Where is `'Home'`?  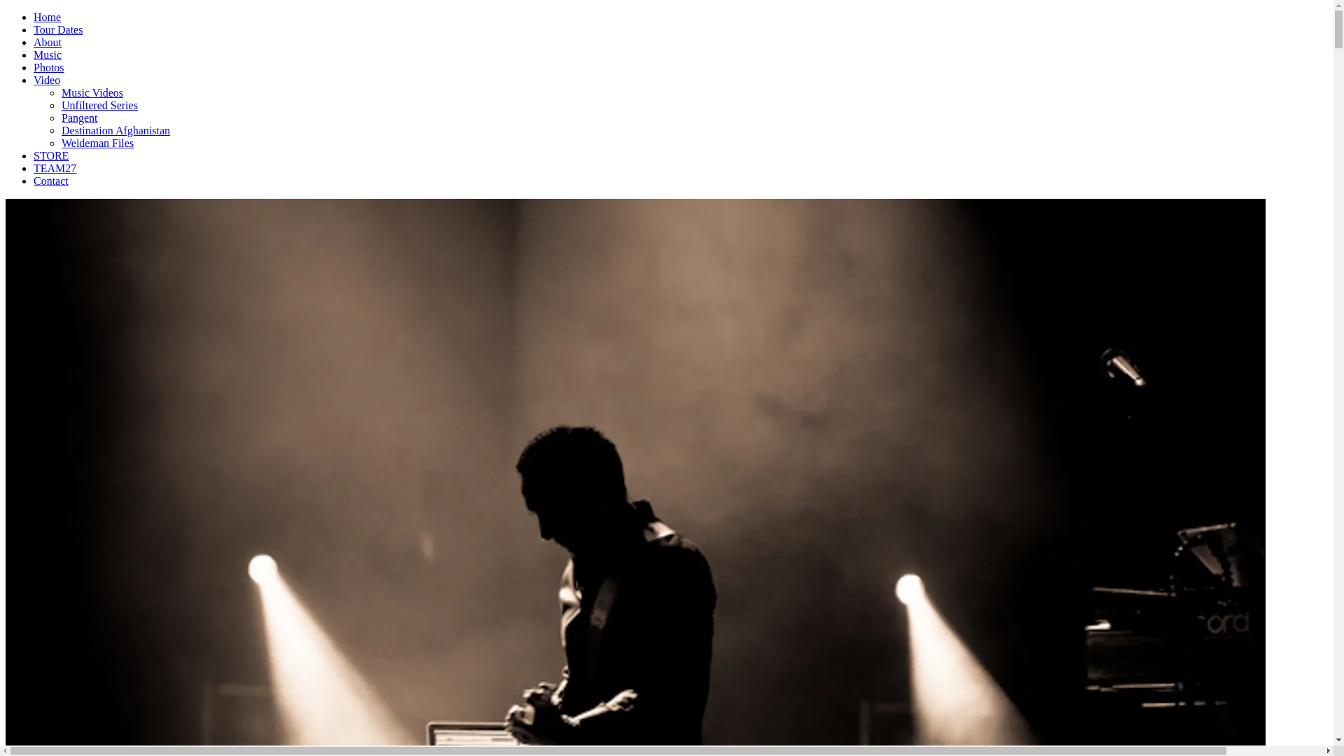 'Home' is located at coordinates (47, 17).